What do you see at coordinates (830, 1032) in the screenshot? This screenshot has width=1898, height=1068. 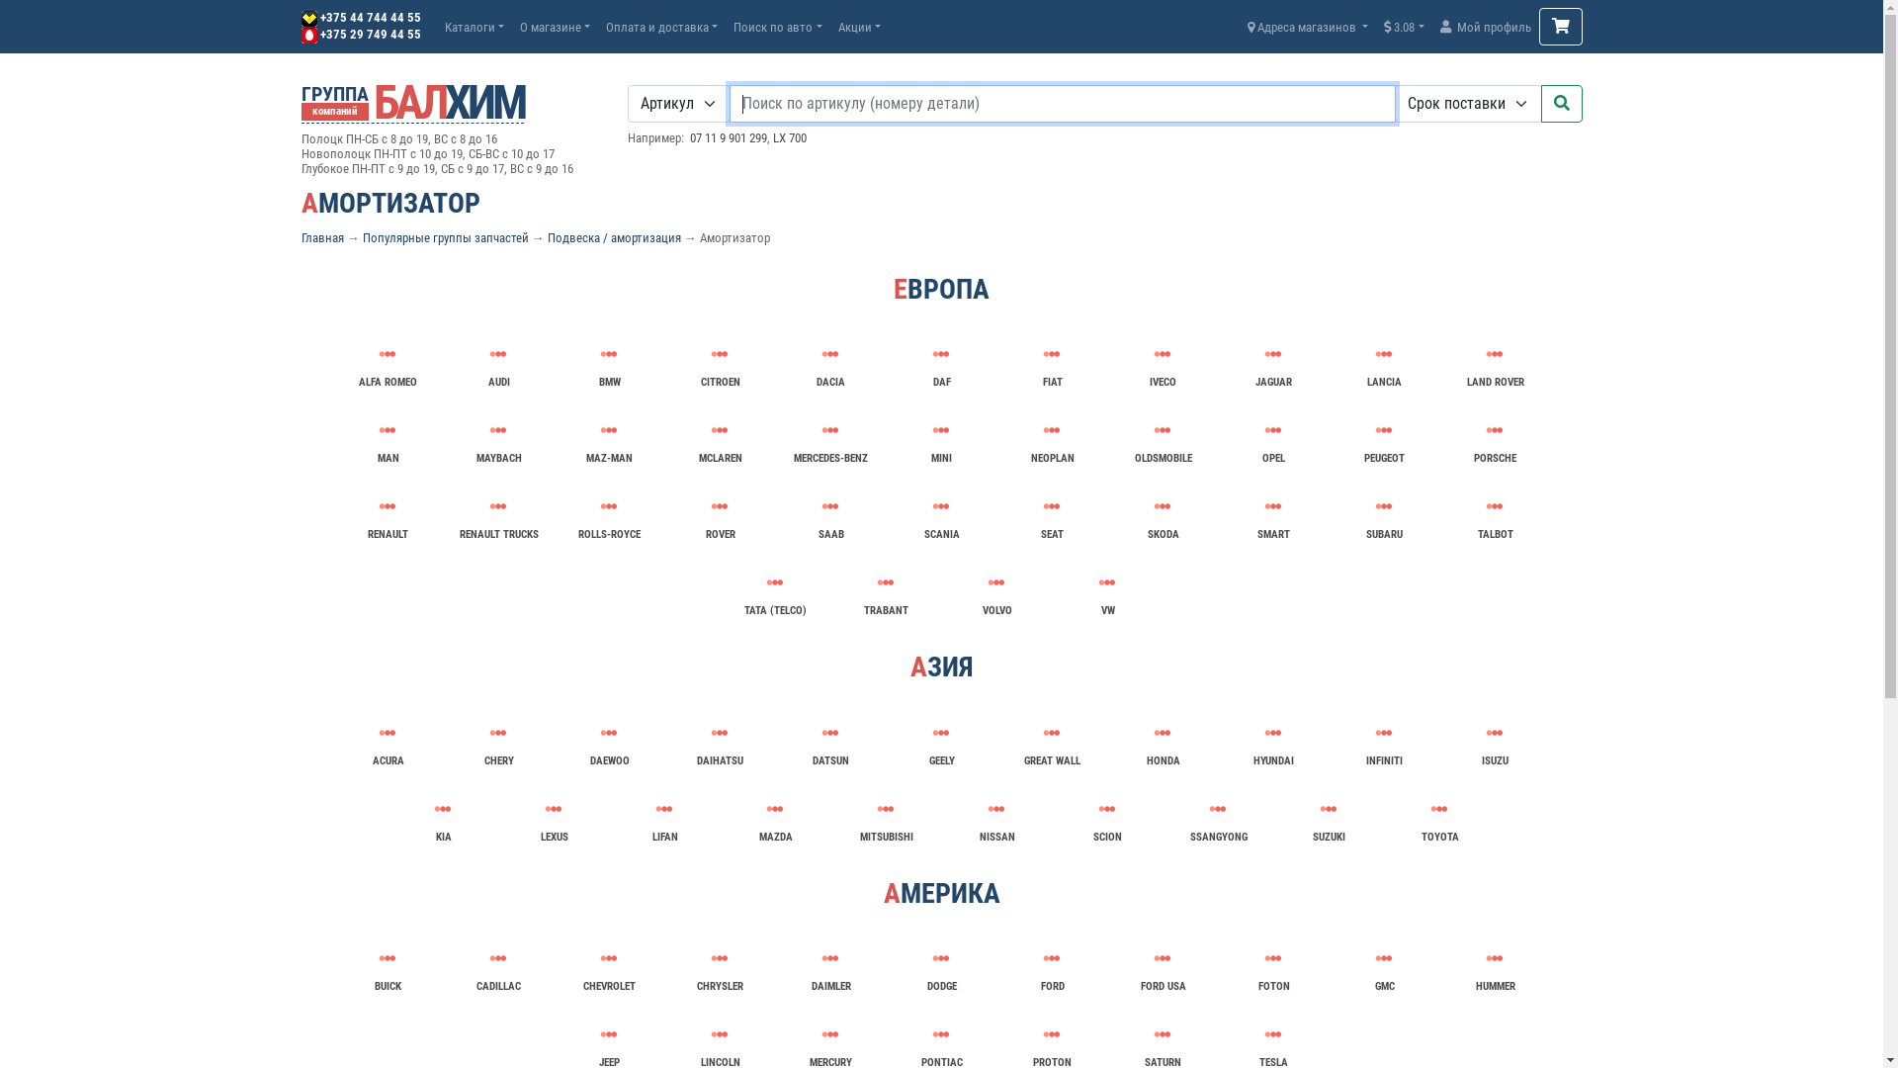 I see `'MERCURY'` at bounding box center [830, 1032].